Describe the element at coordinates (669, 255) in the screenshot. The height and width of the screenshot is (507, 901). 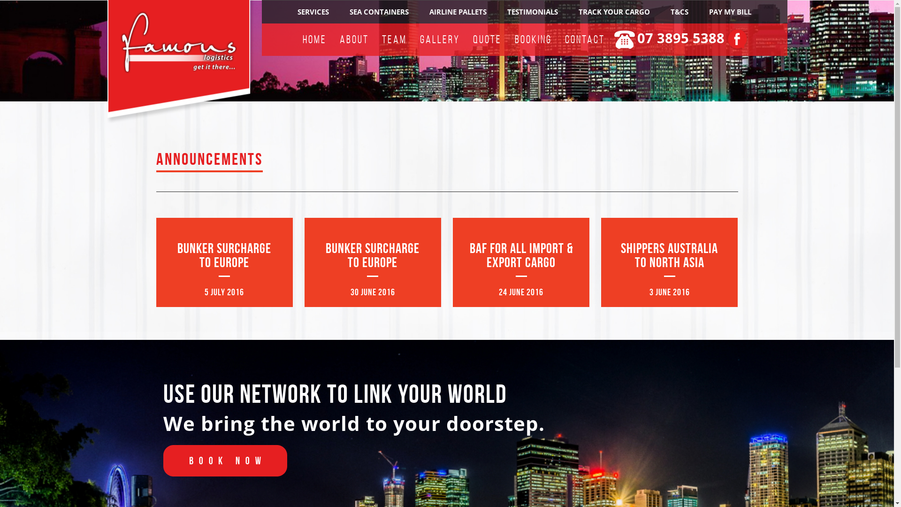
I see `'SHIPPERS AUSTRALIA` at that location.